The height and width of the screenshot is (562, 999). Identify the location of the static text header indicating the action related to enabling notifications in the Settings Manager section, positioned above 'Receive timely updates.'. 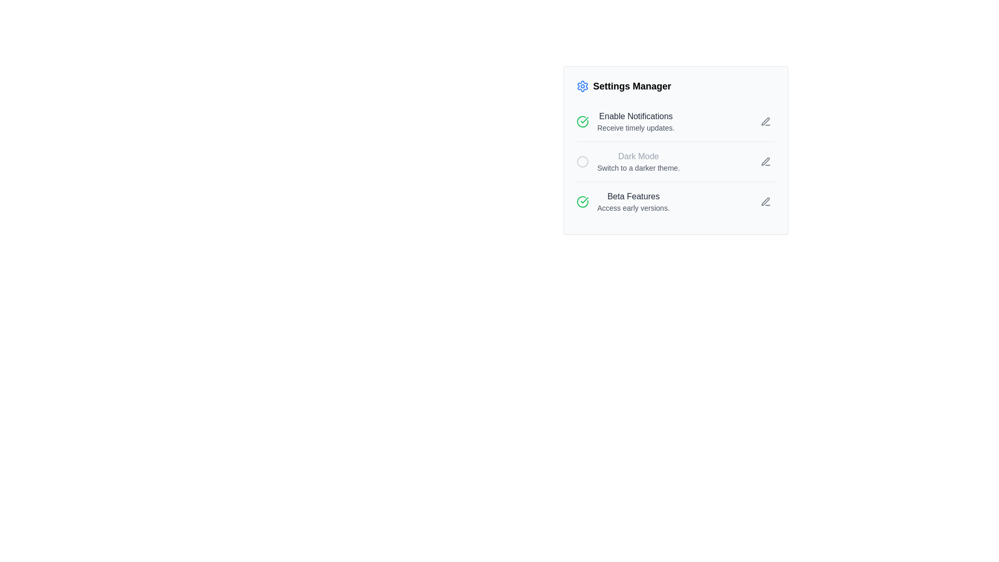
(635, 116).